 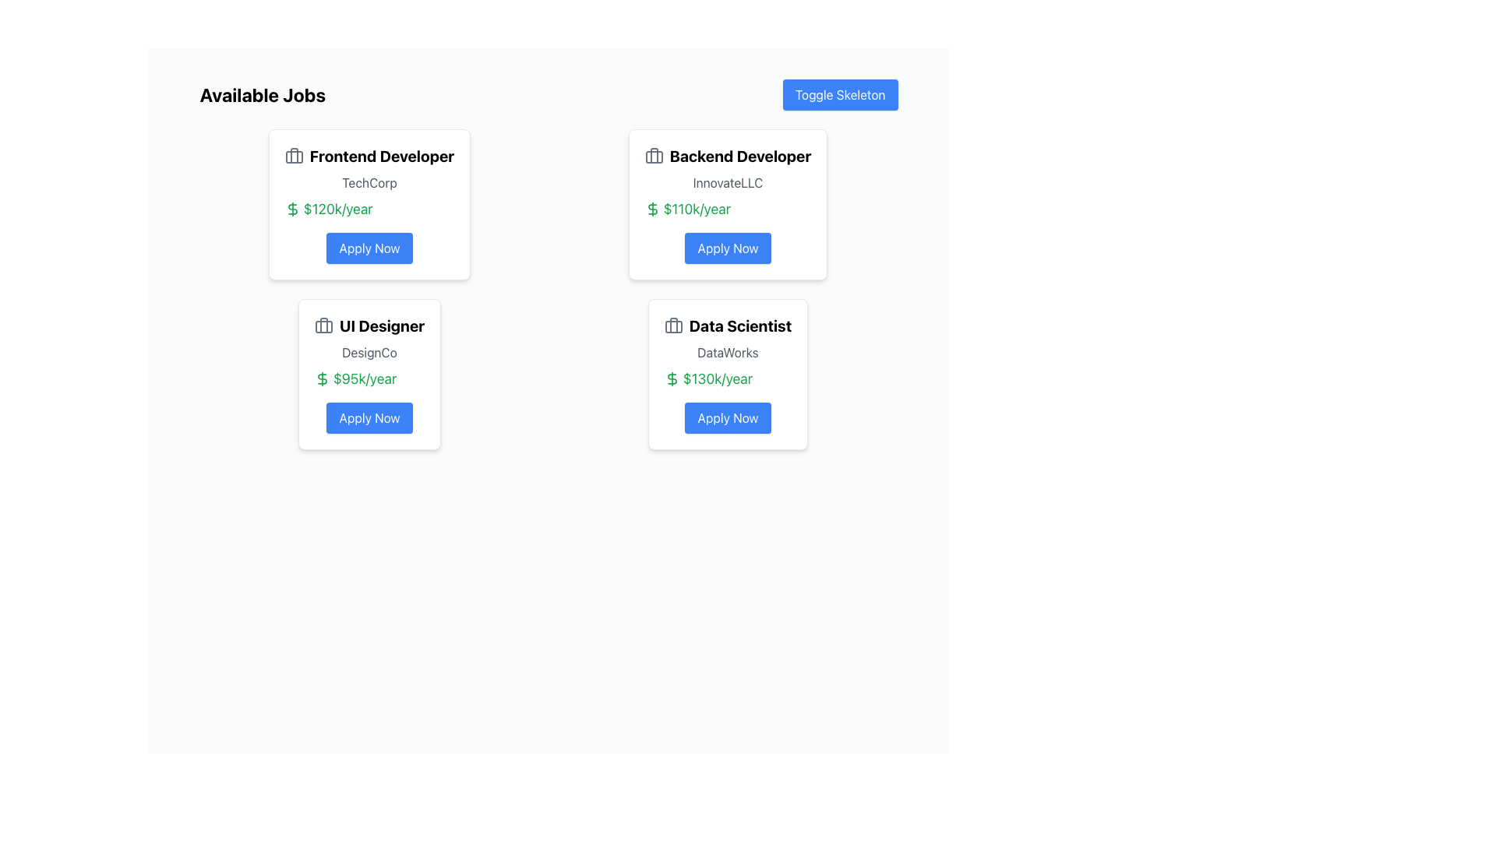 What do you see at coordinates (294, 157) in the screenshot?
I see `the decorative icon detail located in the upper-left corner of the job card for the 'Frontend Developer' role, which is nested inside a briefcase-shaped icon` at bounding box center [294, 157].